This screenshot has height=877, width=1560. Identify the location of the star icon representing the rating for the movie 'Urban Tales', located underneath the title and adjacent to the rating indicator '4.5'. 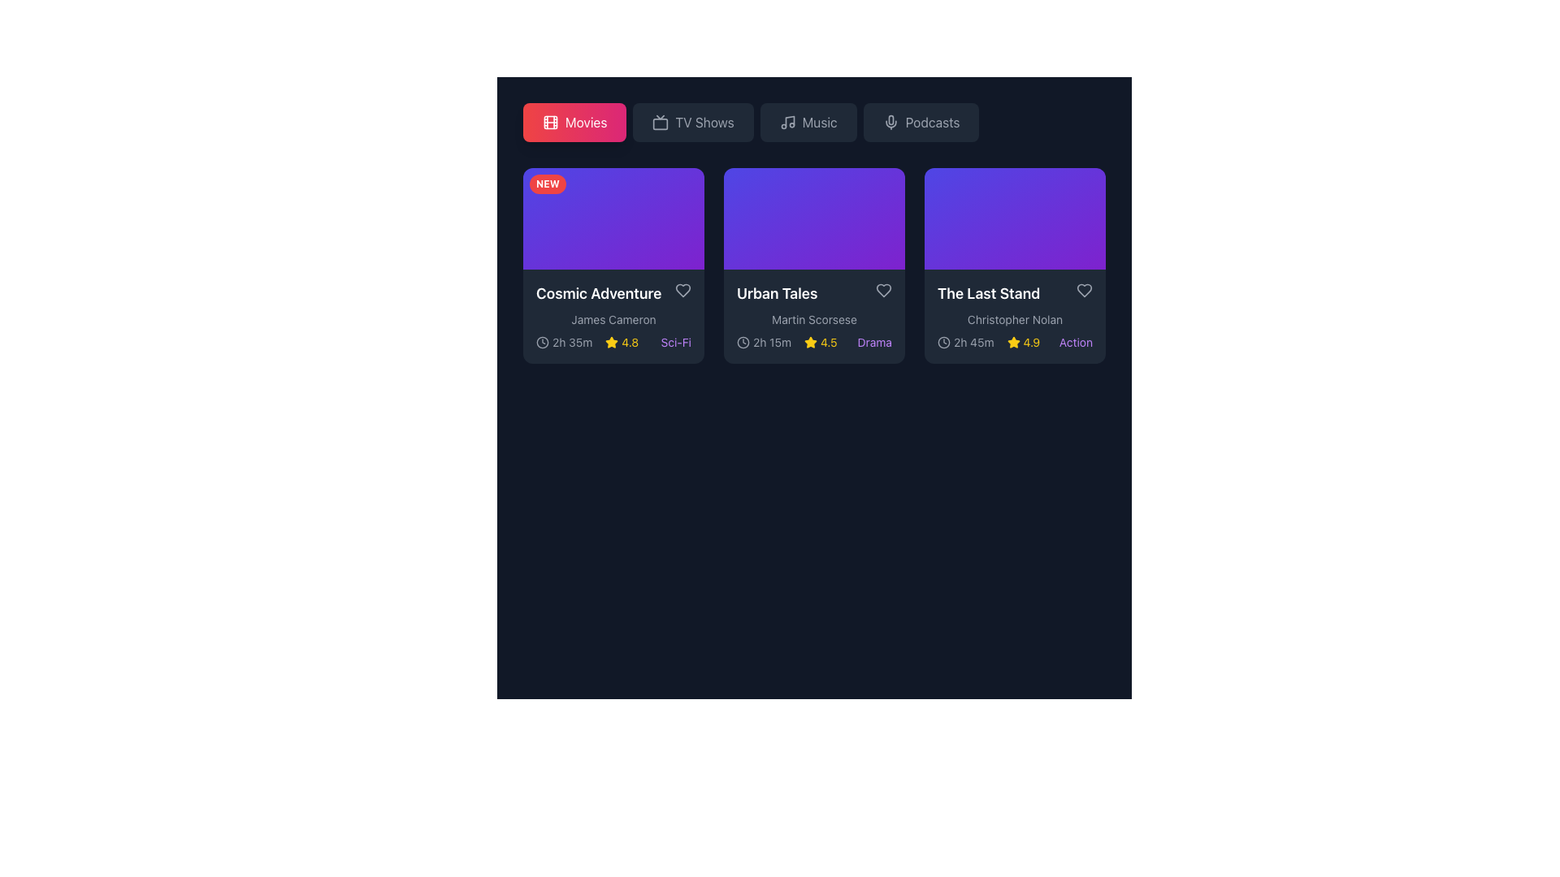
(811, 342).